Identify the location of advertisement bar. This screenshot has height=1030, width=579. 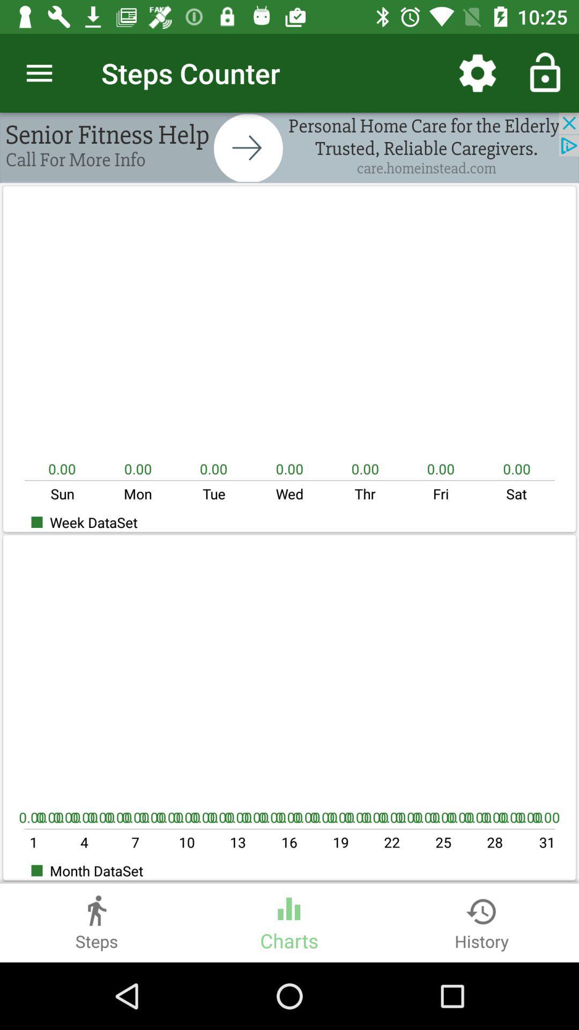
(289, 147).